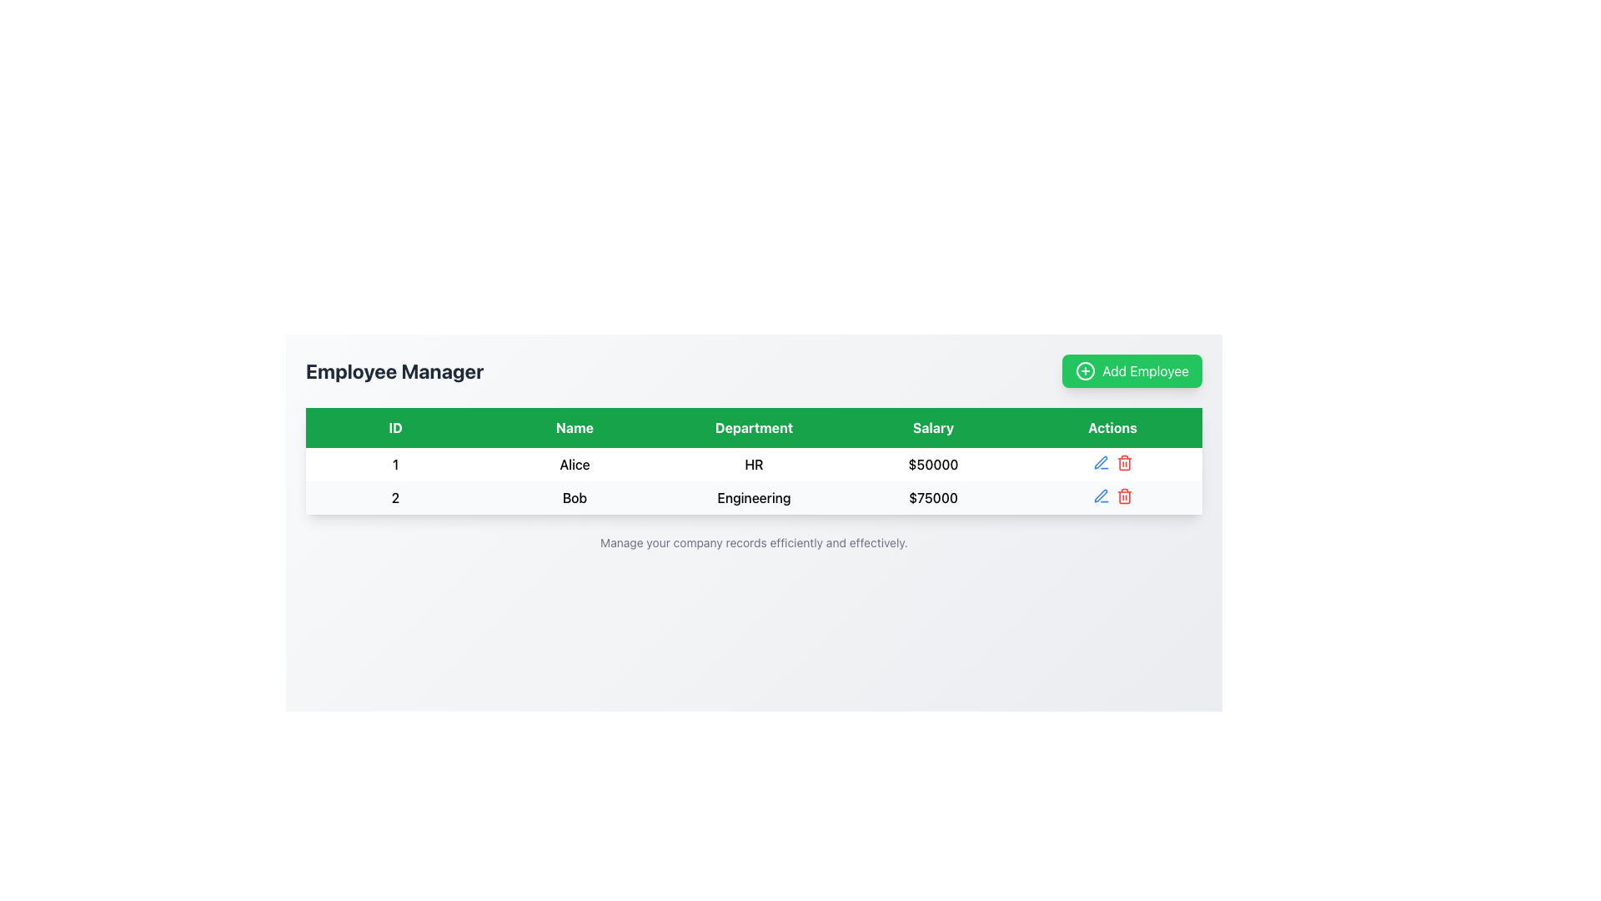  I want to click on text of the Table Header Cell that serves as the header for the 'Name' column in the table, located in the second column of the header row, so click(575, 427).